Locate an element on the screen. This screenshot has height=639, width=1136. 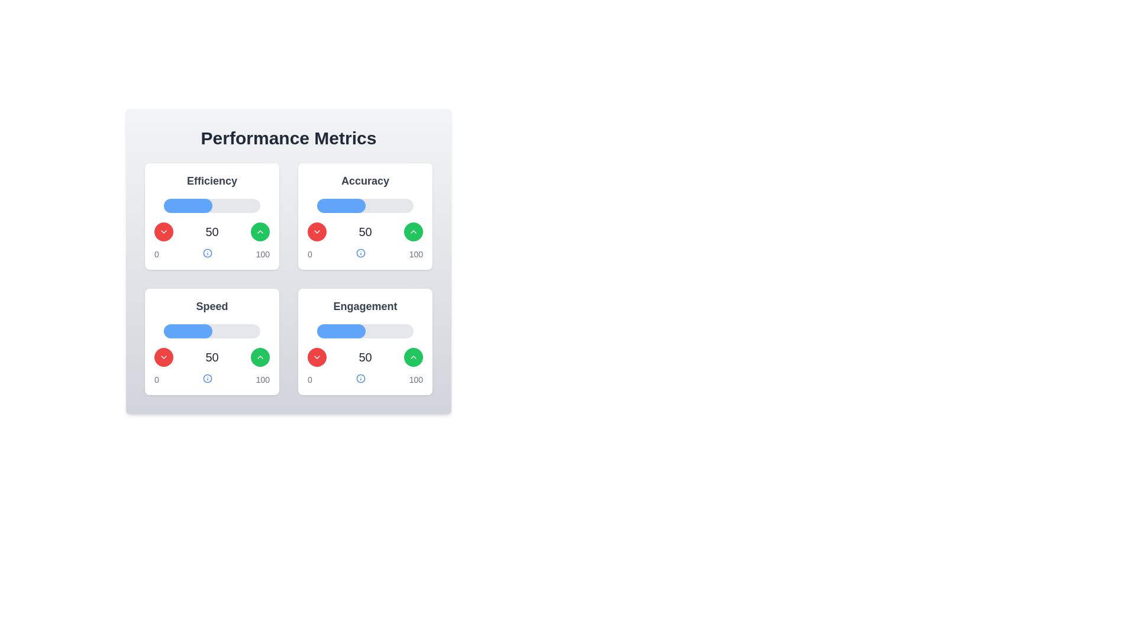
the progress bar or slider is located at coordinates (201, 331).